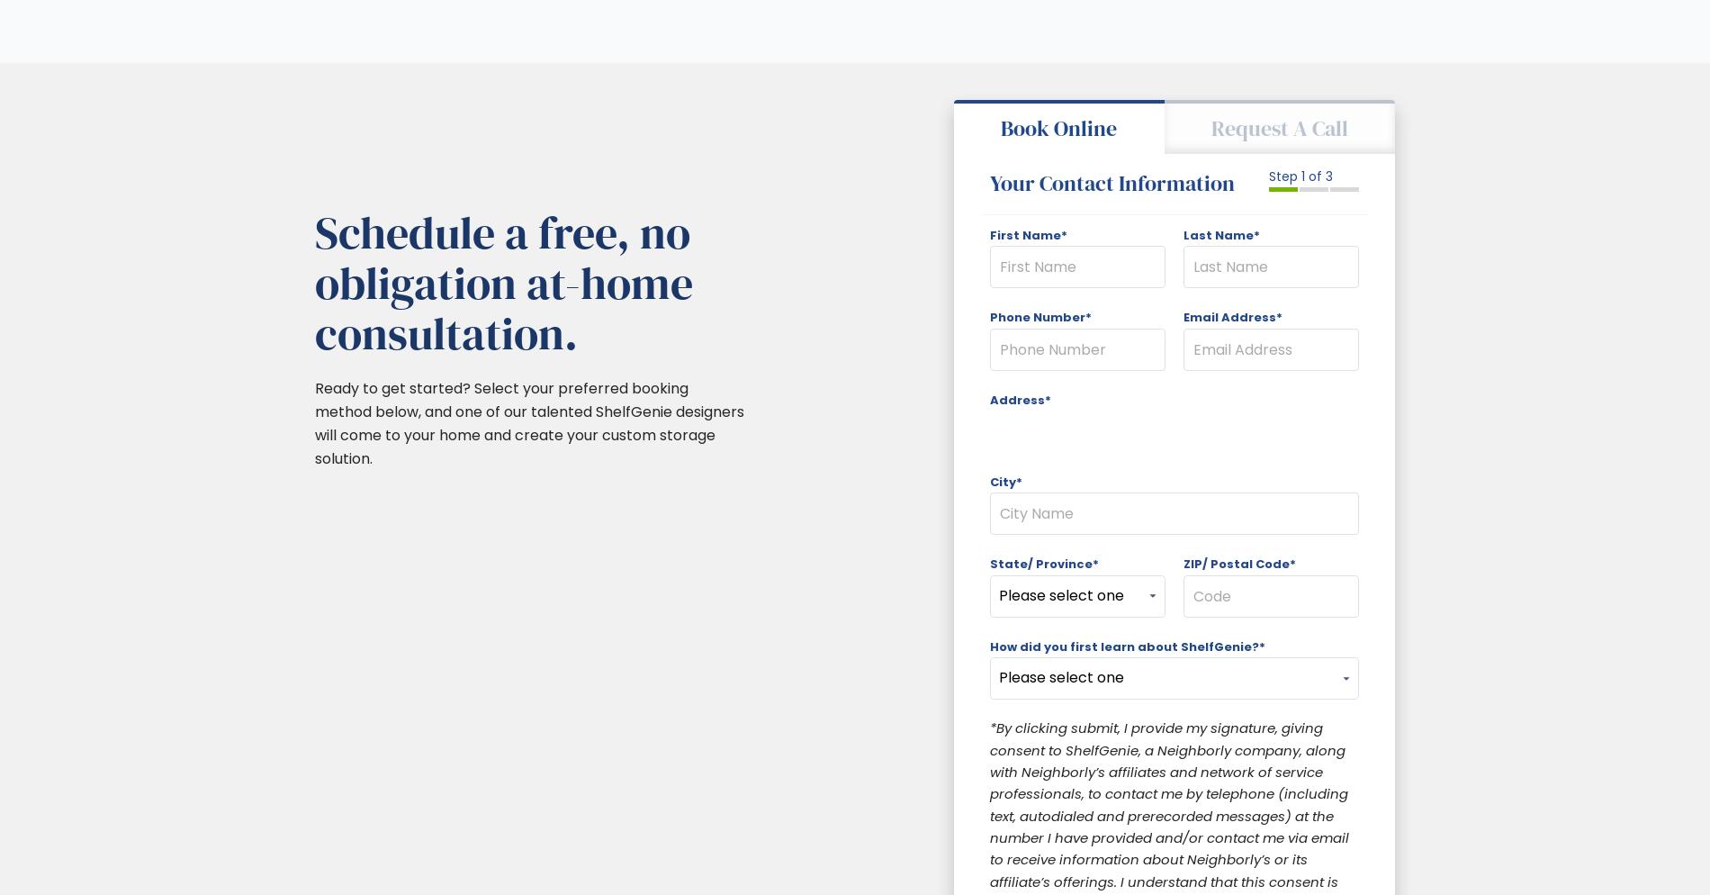  What do you see at coordinates (1182, 563) in the screenshot?
I see `'ZIP/ Postal Code*'` at bounding box center [1182, 563].